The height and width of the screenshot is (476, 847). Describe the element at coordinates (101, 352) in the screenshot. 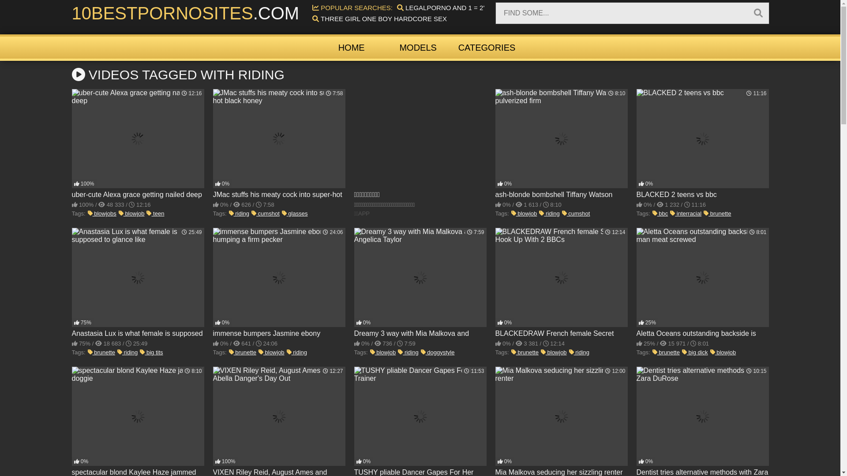

I see `'brunette'` at that location.